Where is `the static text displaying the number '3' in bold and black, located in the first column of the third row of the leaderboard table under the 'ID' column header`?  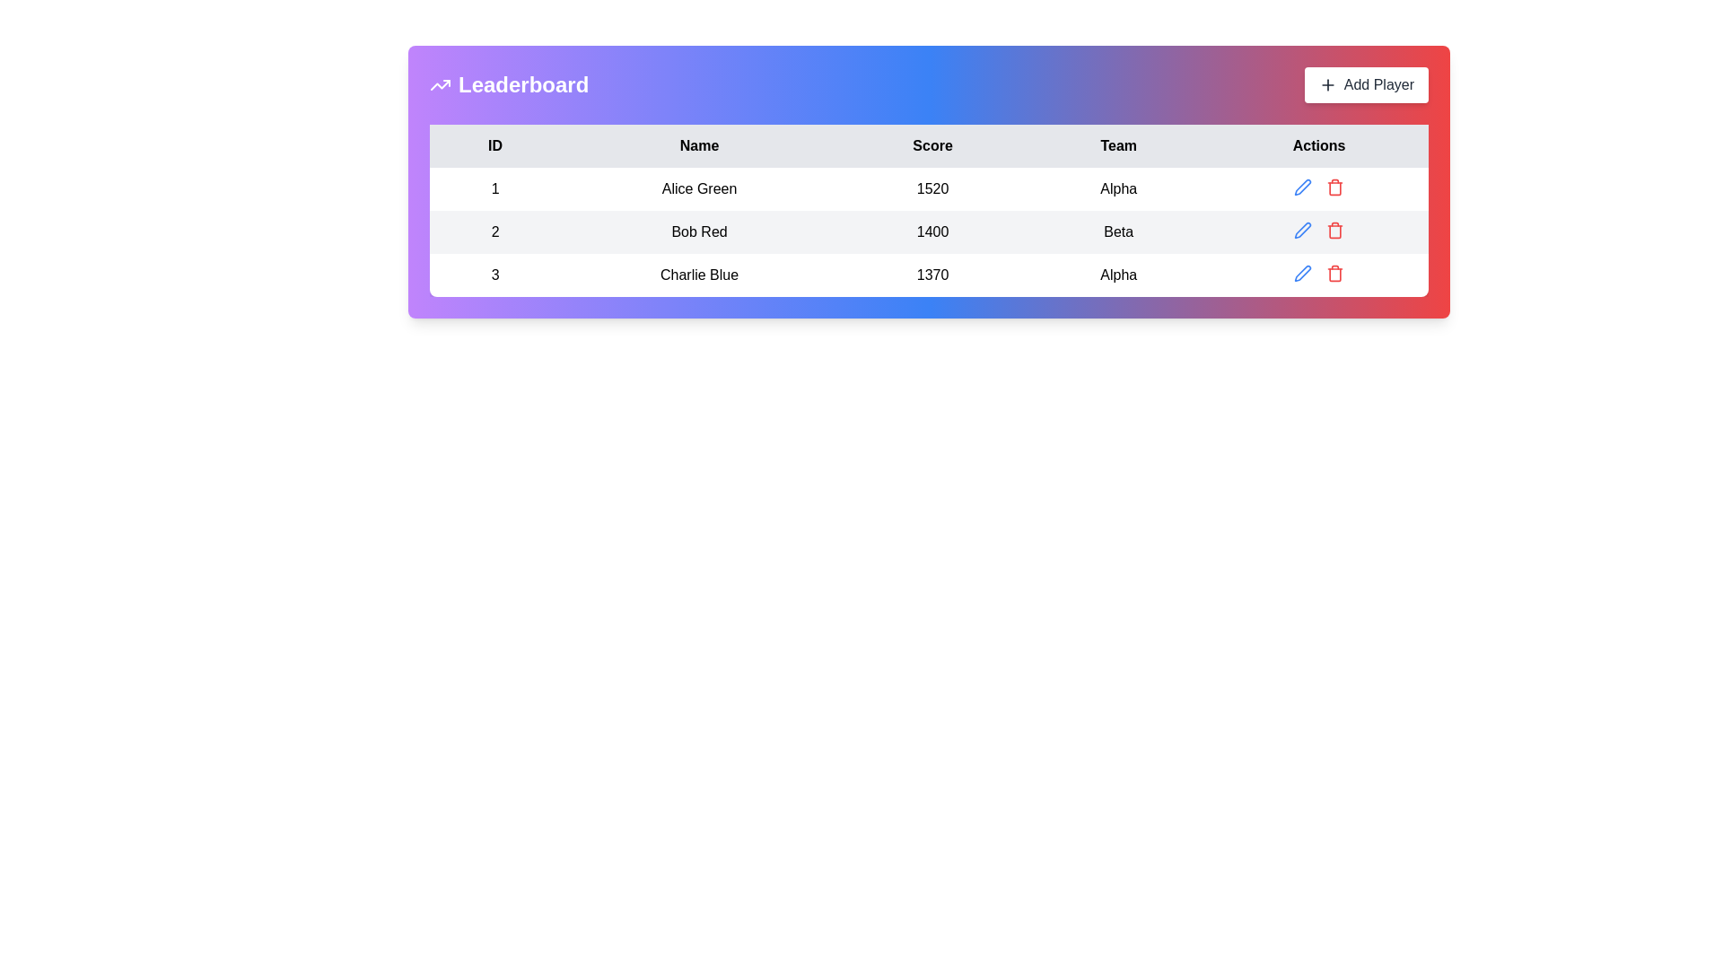 the static text displaying the number '3' in bold and black, located in the first column of the third row of the leaderboard table under the 'ID' column header is located at coordinates (495, 275).